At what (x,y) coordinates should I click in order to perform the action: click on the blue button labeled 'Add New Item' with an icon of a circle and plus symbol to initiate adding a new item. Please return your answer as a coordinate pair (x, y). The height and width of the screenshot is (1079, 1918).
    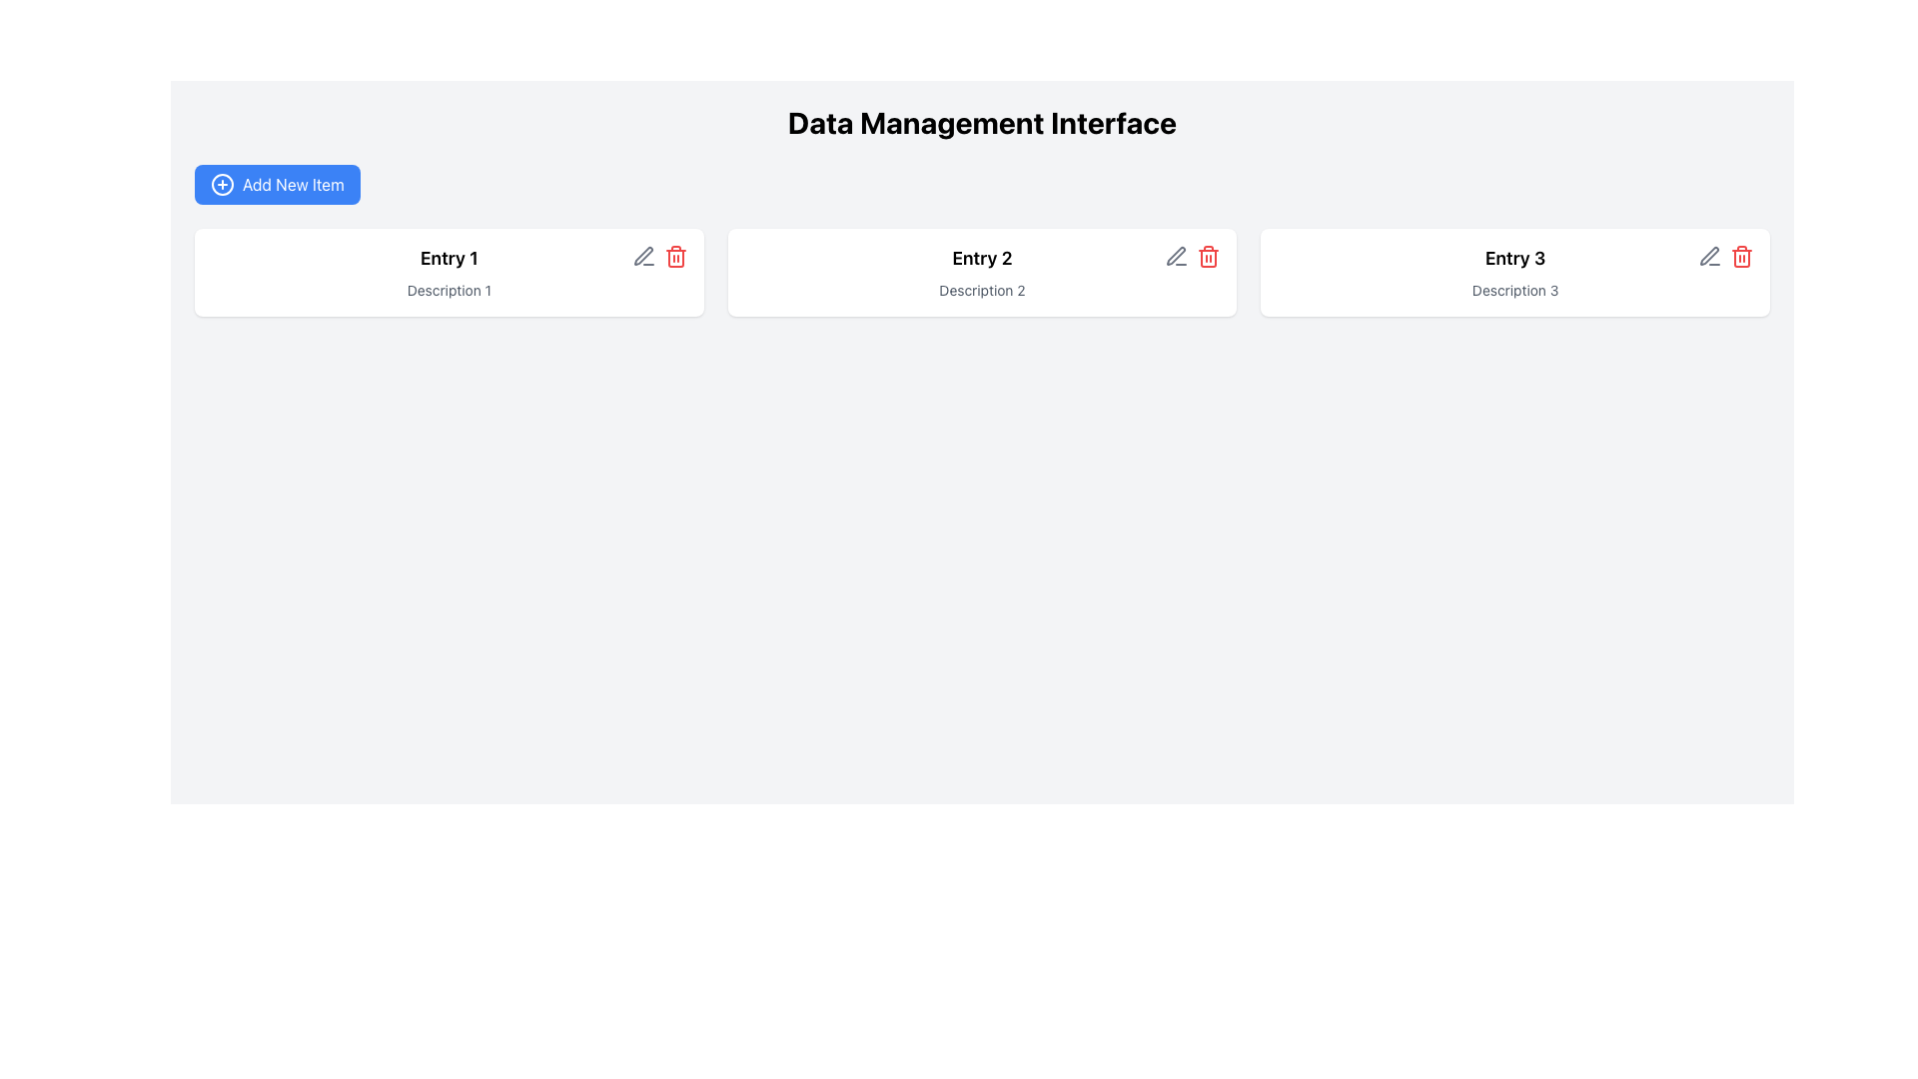
    Looking at the image, I should click on (276, 185).